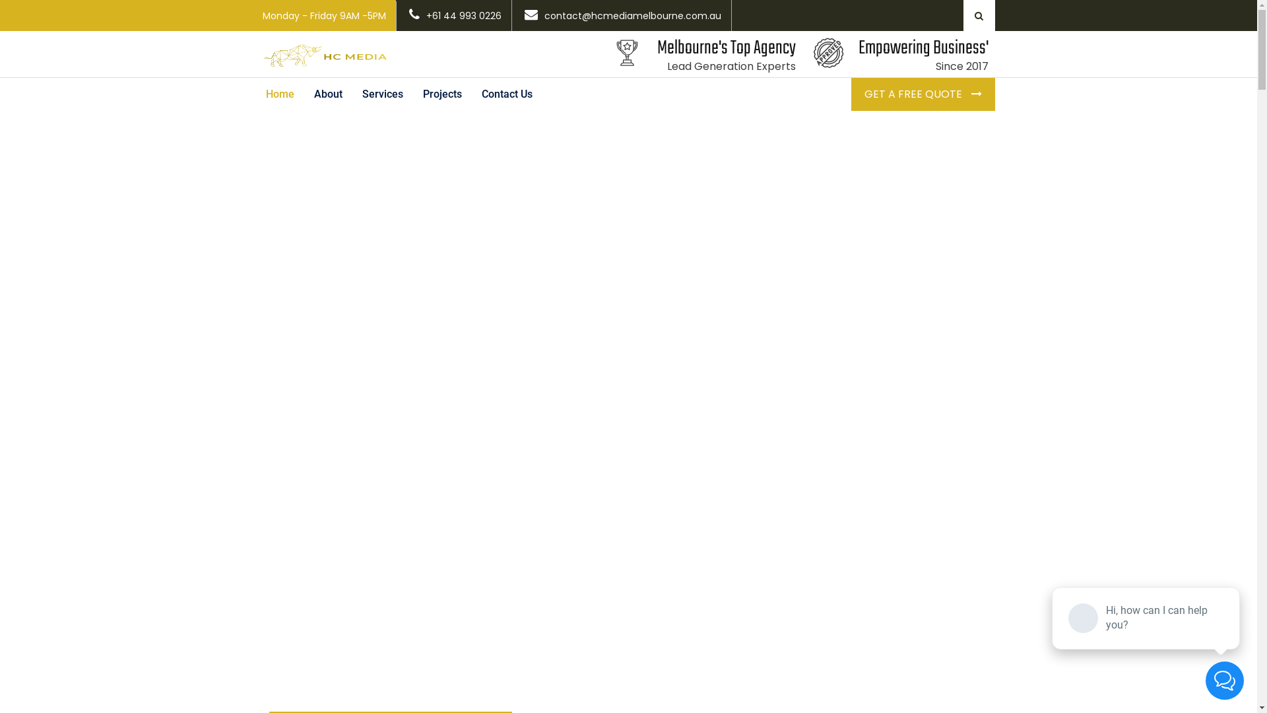  I want to click on 'GET A FREE QUOTE', so click(922, 93).